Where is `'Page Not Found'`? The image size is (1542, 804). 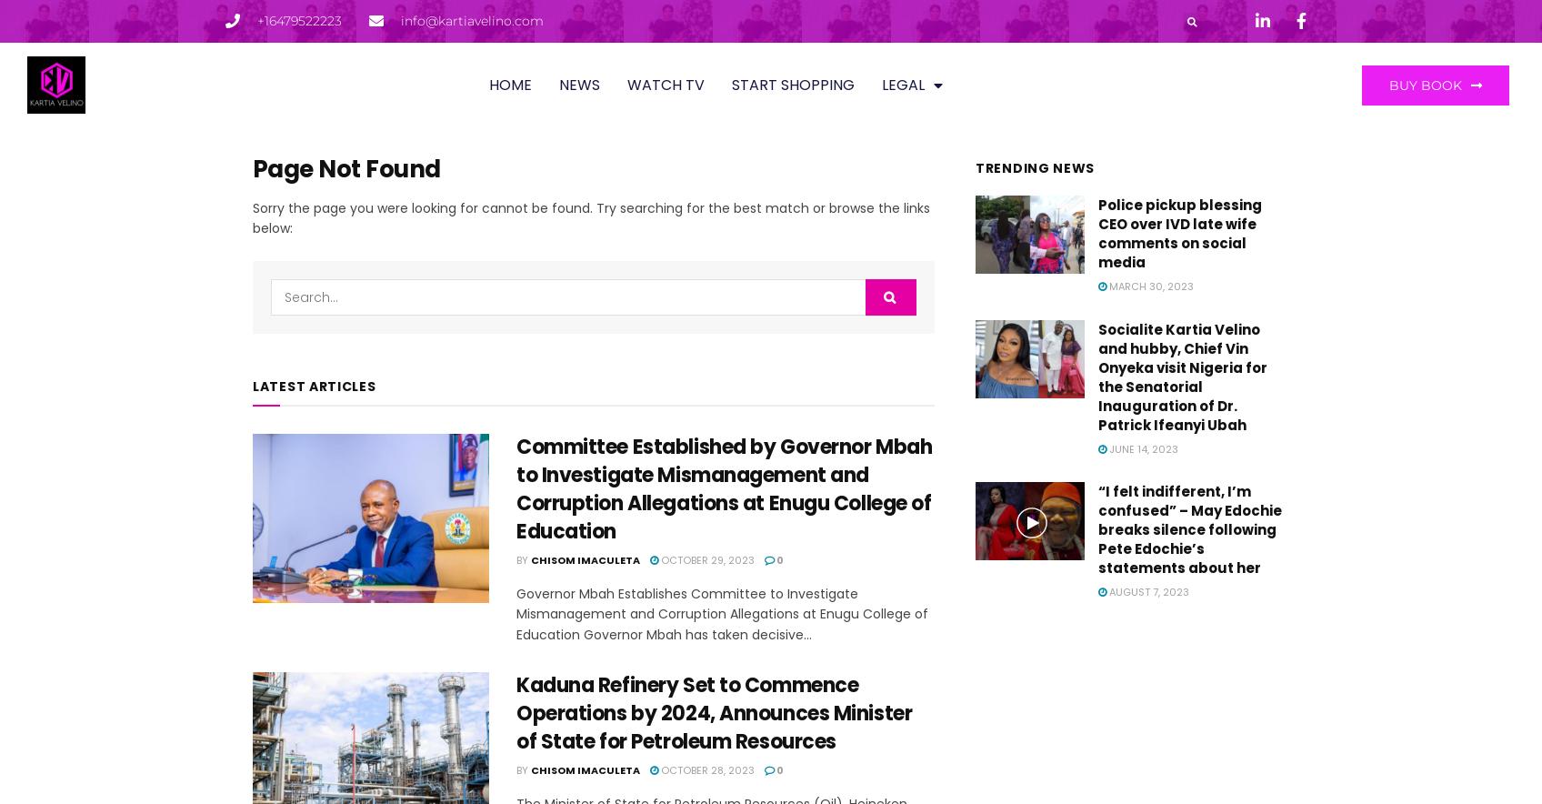 'Page Not Found' is located at coordinates (345, 167).